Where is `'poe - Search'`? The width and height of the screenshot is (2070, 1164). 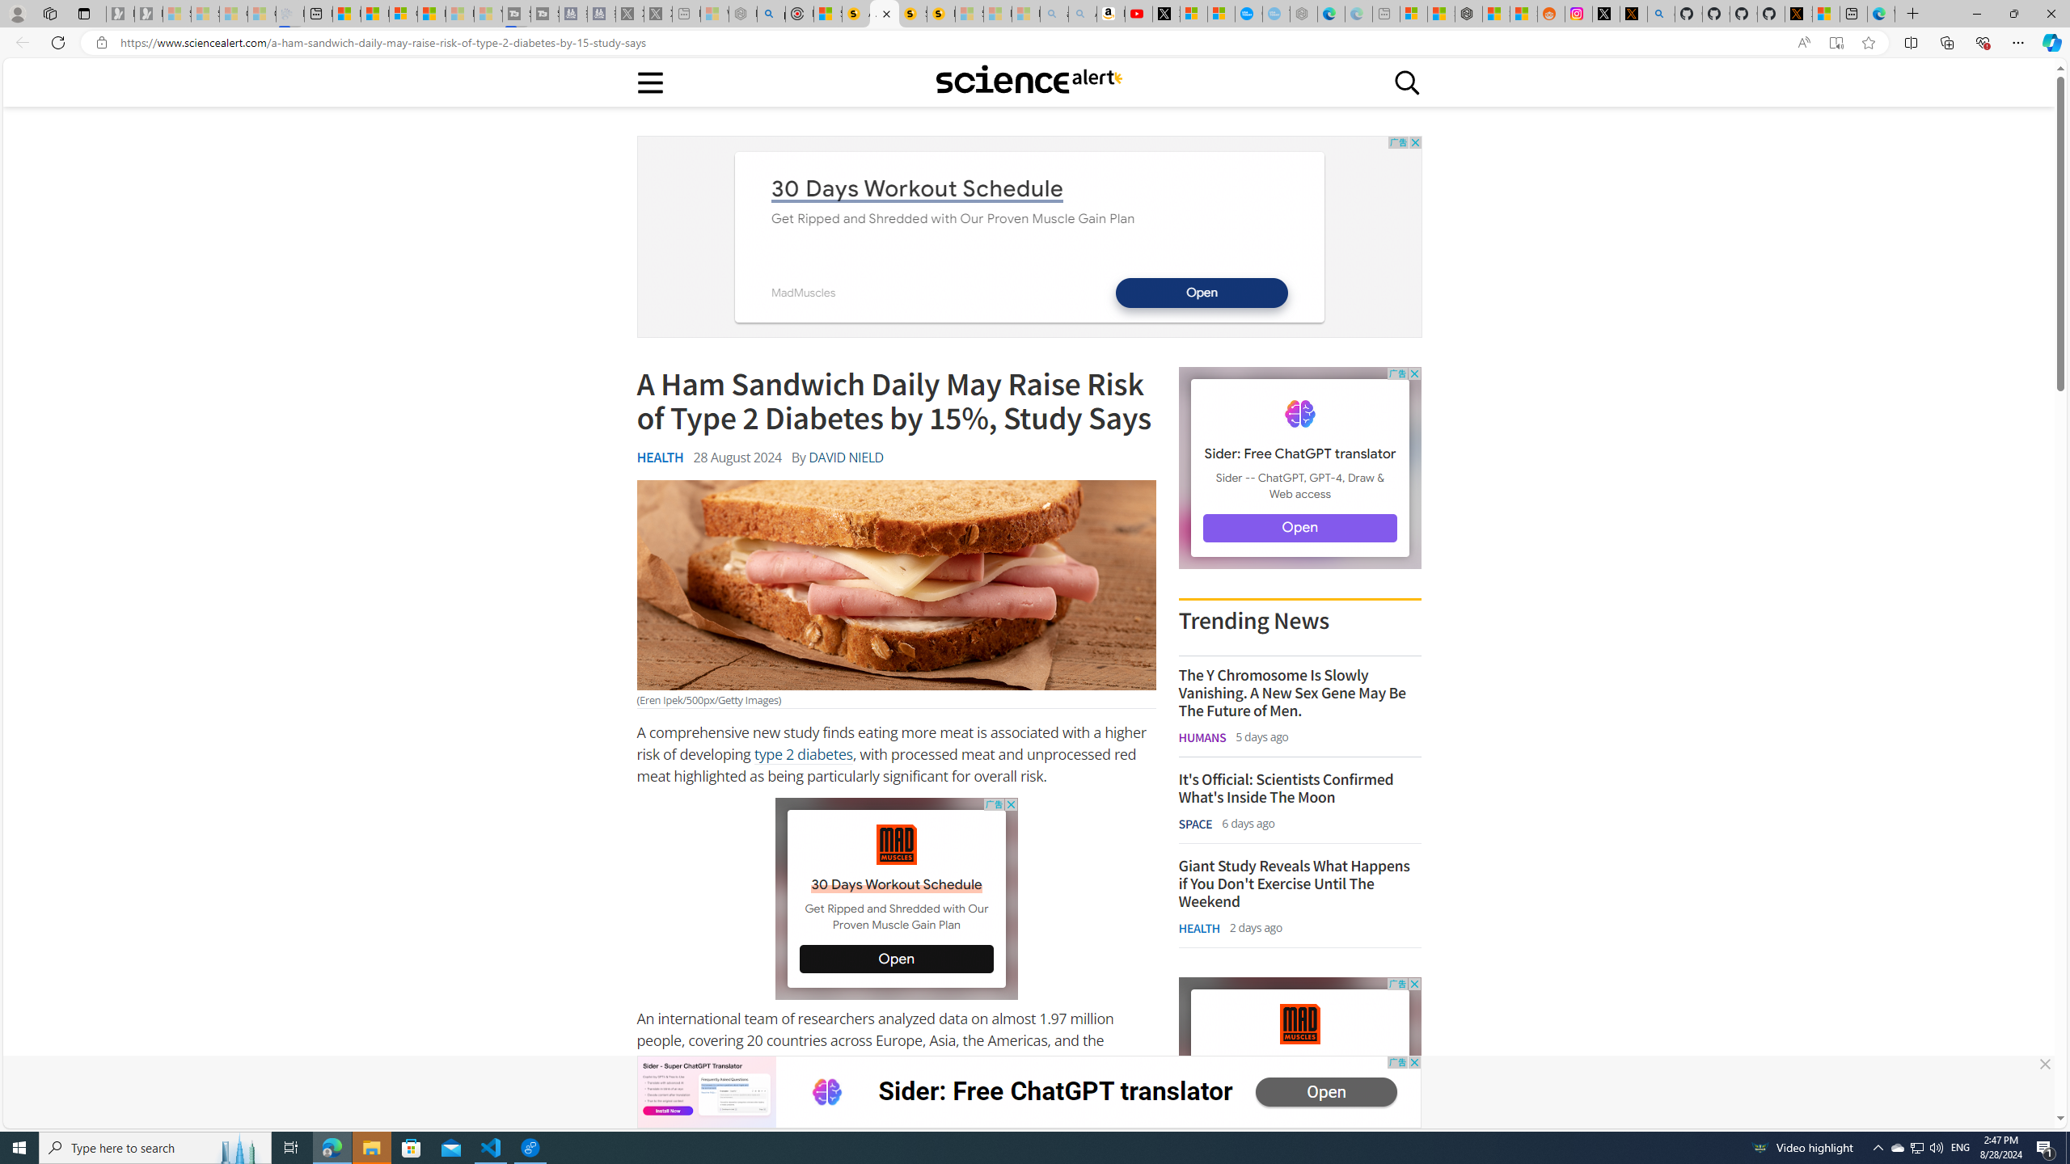
'poe - Search' is located at coordinates (771, 13).